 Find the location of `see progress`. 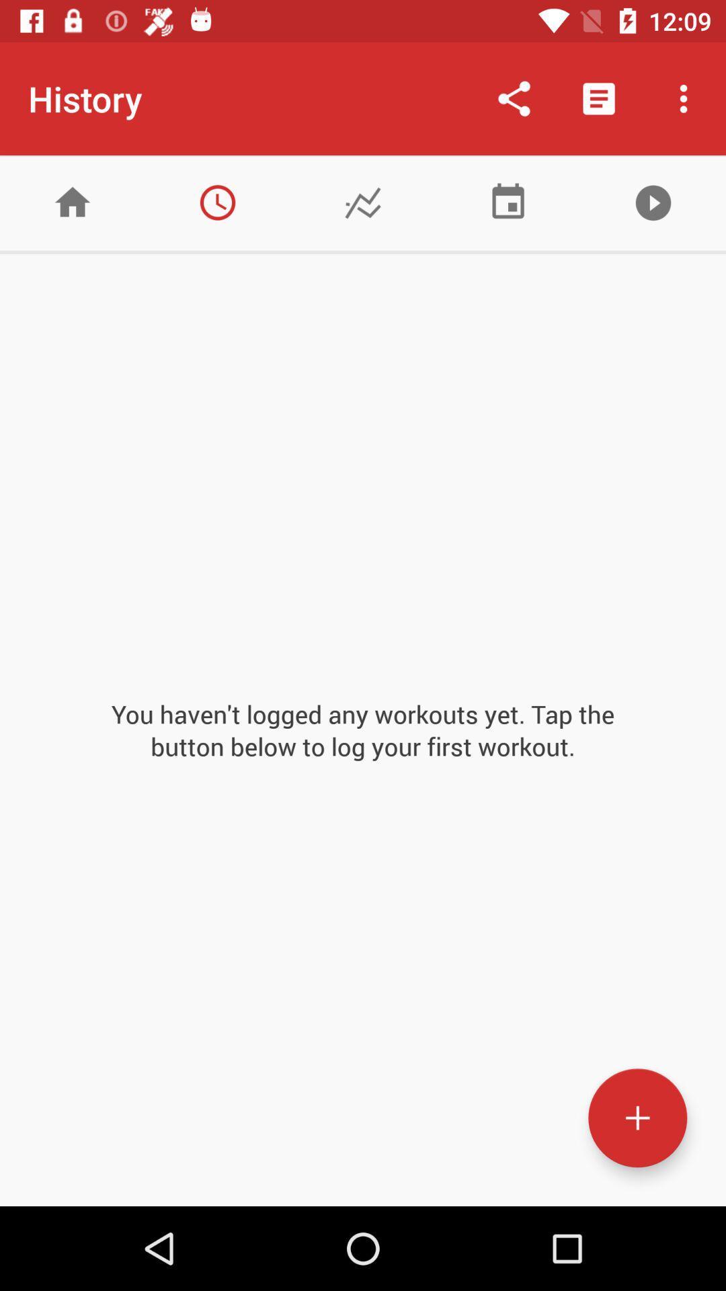

see progress is located at coordinates (363, 202).